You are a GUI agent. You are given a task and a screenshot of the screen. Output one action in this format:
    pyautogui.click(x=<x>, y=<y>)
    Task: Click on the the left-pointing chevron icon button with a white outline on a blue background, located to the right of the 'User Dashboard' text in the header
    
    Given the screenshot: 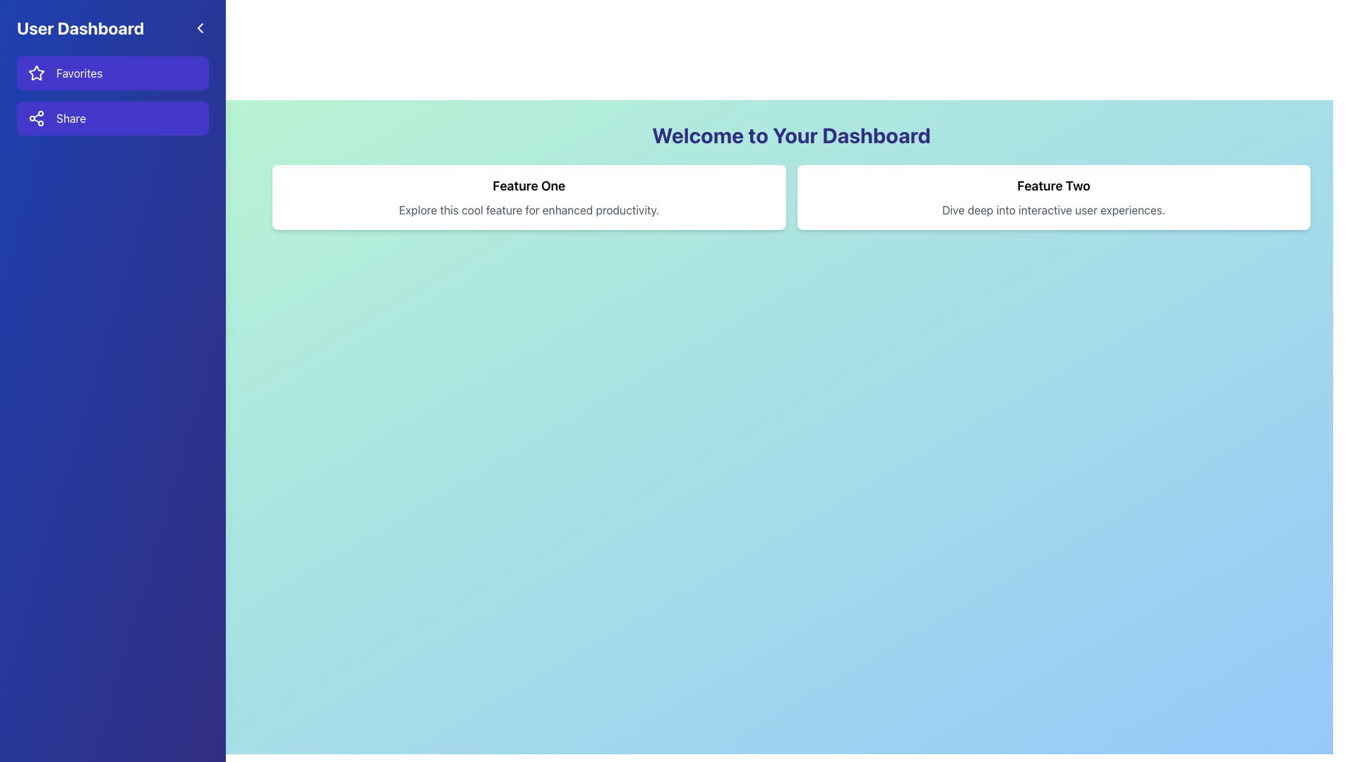 What is the action you would take?
    pyautogui.click(x=199, y=28)
    